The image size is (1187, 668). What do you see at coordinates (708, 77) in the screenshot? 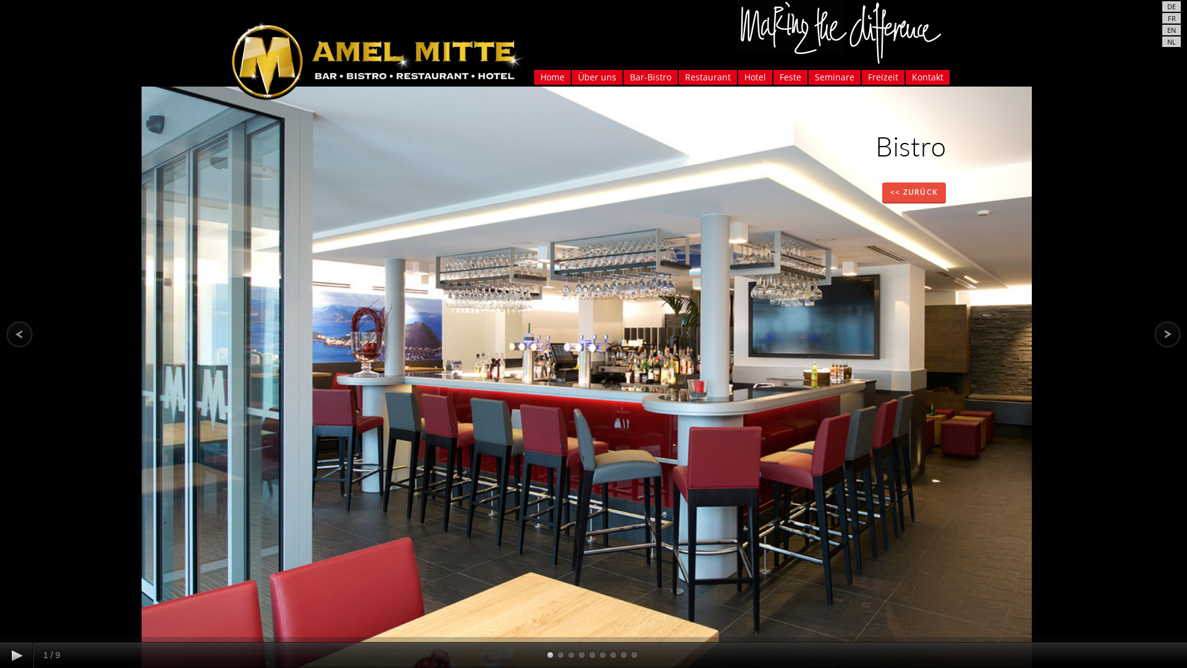
I see `'Restaurant'` at bounding box center [708, 77].